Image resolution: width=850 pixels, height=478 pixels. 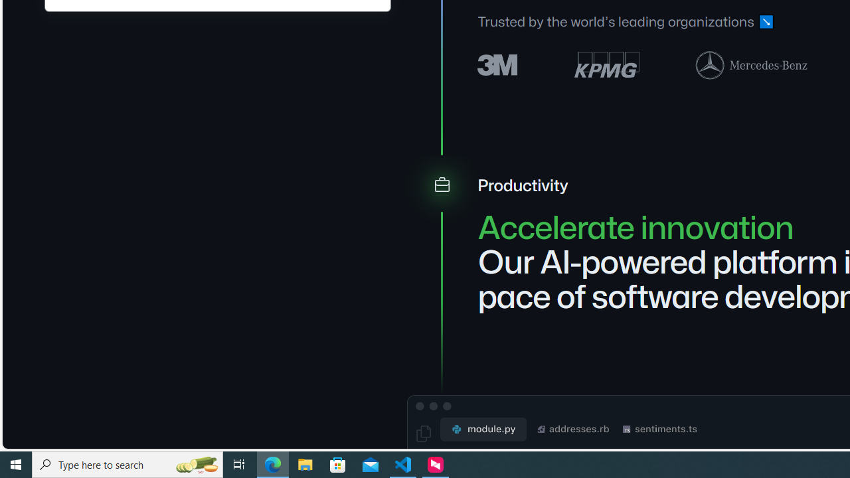 I want to click on 'Mercedes-Benz logo', so click(x=752, y=64).